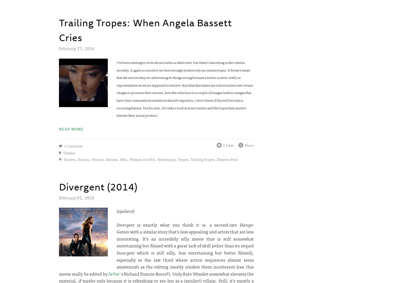 This screenshot has width=395, height=283. What do you see at coordinates (184, 88) in the screenshot?
I see `'I’ve been wanting to write about trailers a while now, but when I was sitting in the cinema recently, it again occurred to me how strongly trailers rely on certain tropes. It doesn’t mean that the movies they are advertising do things wrong because a trailer is never really as representative as we are supposed to believe. But what fascinates me is how trailers use certain images to promote their movies, how the reduction to a couple of images leads to images that have clear connotations audiences should respond to. I don’t know if this will become a recurring feature, but for now, let’s take a look at some trailers and the tropes they market besides their actual product.'` at bounding box center [184, 88].